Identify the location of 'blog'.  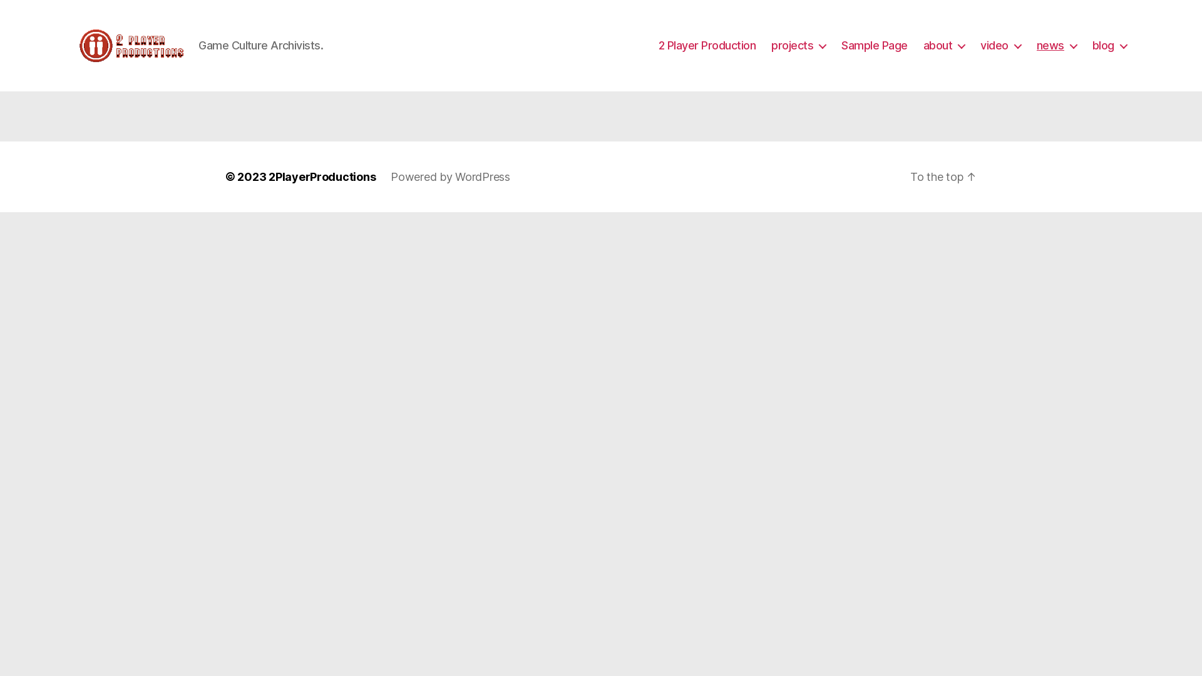
(1092, 45).